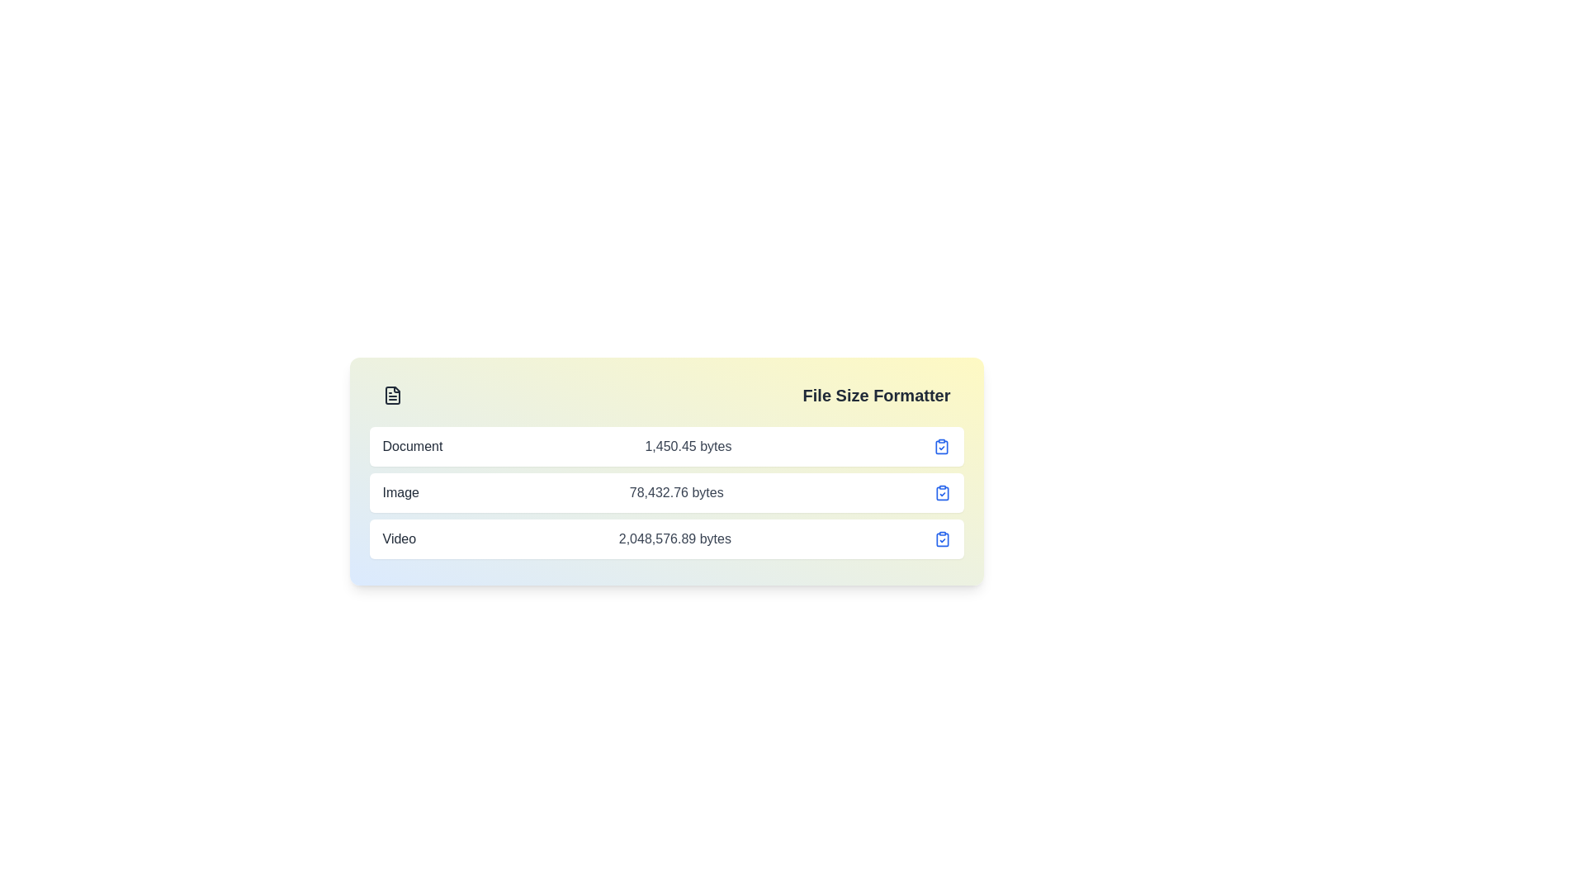 This screenshot has height=892, width=1585. I want to click on the 'Video' text label, which is styled in a medium-weight font and dark gray color, located at the bottom of a list-like structure within a card-like component, so click(399, 539).